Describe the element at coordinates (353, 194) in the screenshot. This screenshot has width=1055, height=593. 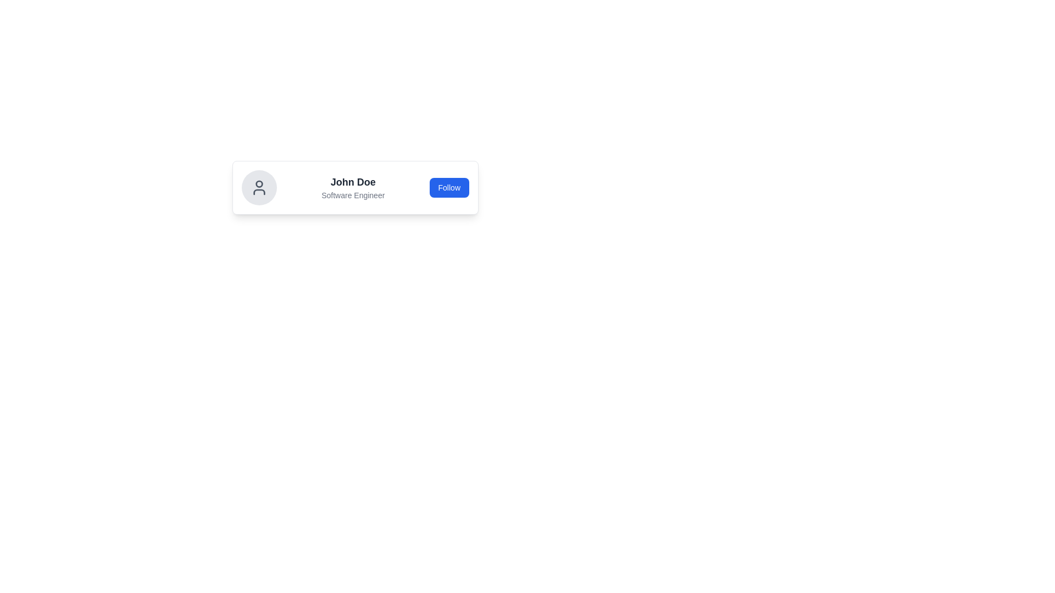
I see `text information from the text label displaying 'Software Engineer', which is positioned directly below the title 'John Doe' in a smaller, light-gray font` at that location.